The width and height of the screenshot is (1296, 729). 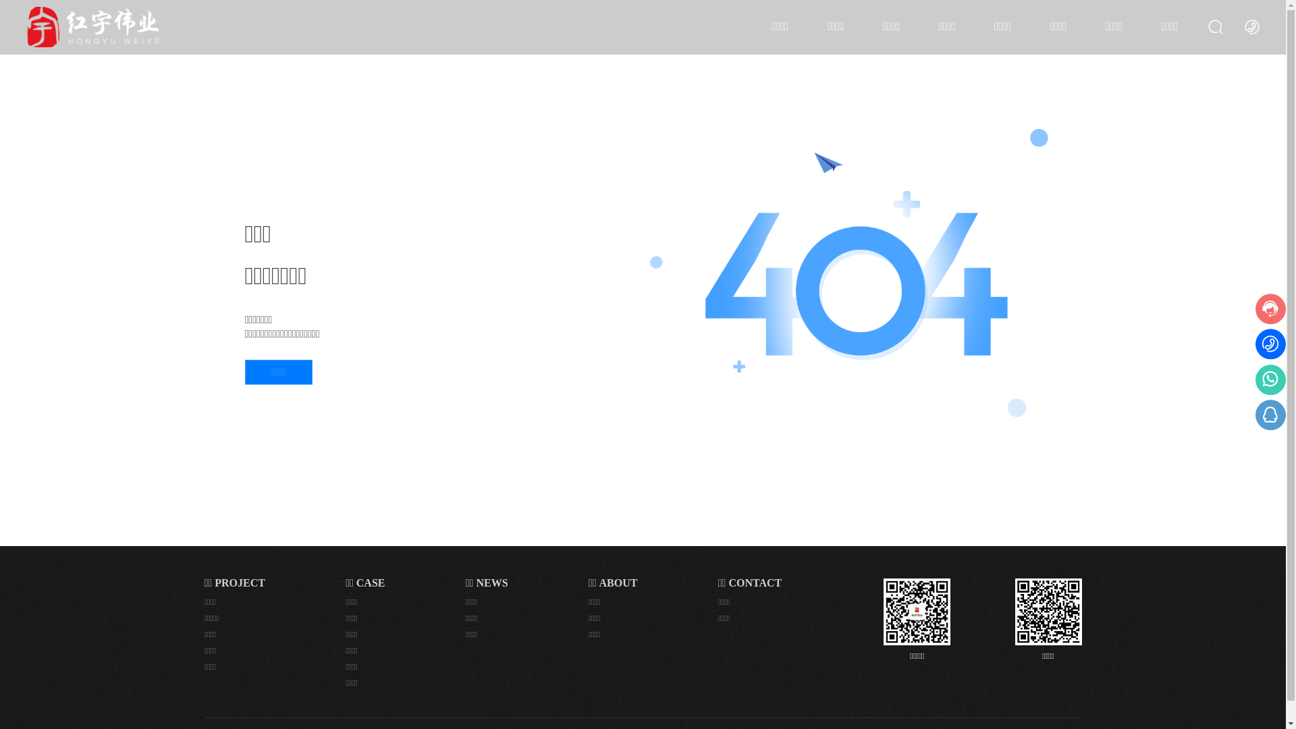 I want to click on 'ENGLISH', so click(x=1251, y=26).